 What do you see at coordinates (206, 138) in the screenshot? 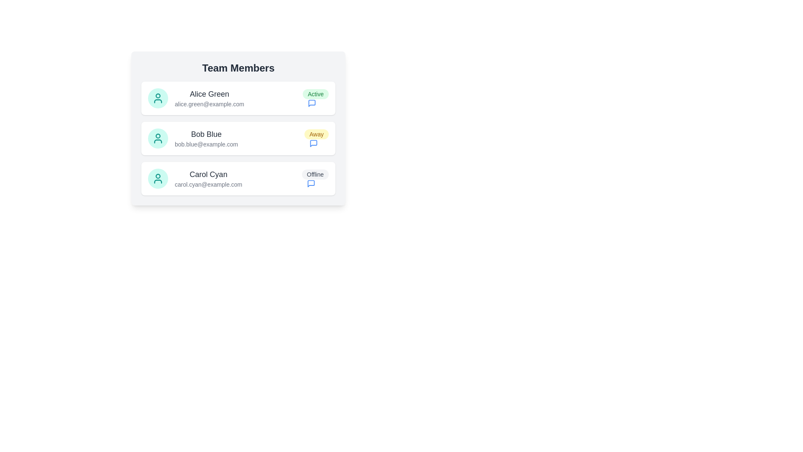
I see `the text display showing contact details of a team member, positioned between 'Alice Green' and 'Carol Cyan' under the 'Team Members' heading` at bounding box center [206, 138].